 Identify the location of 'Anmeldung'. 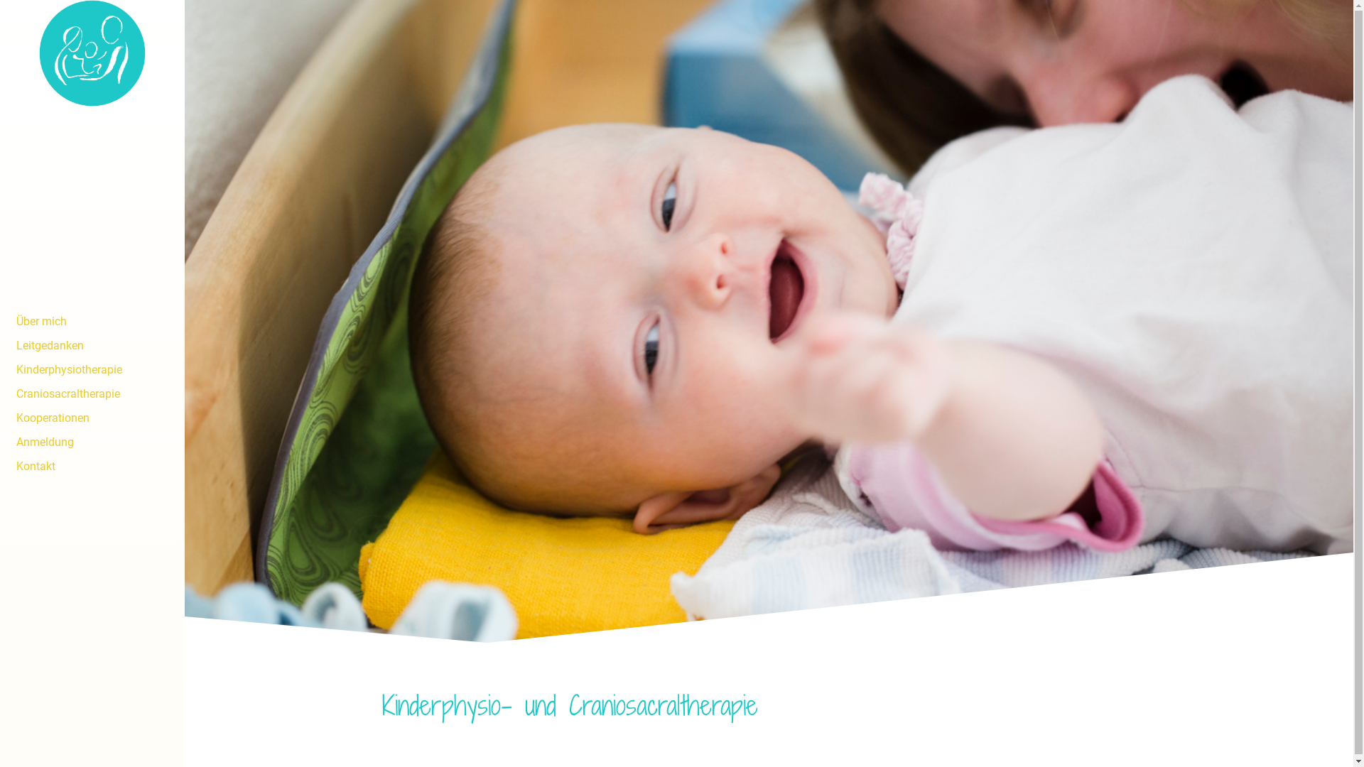
(91, 441).